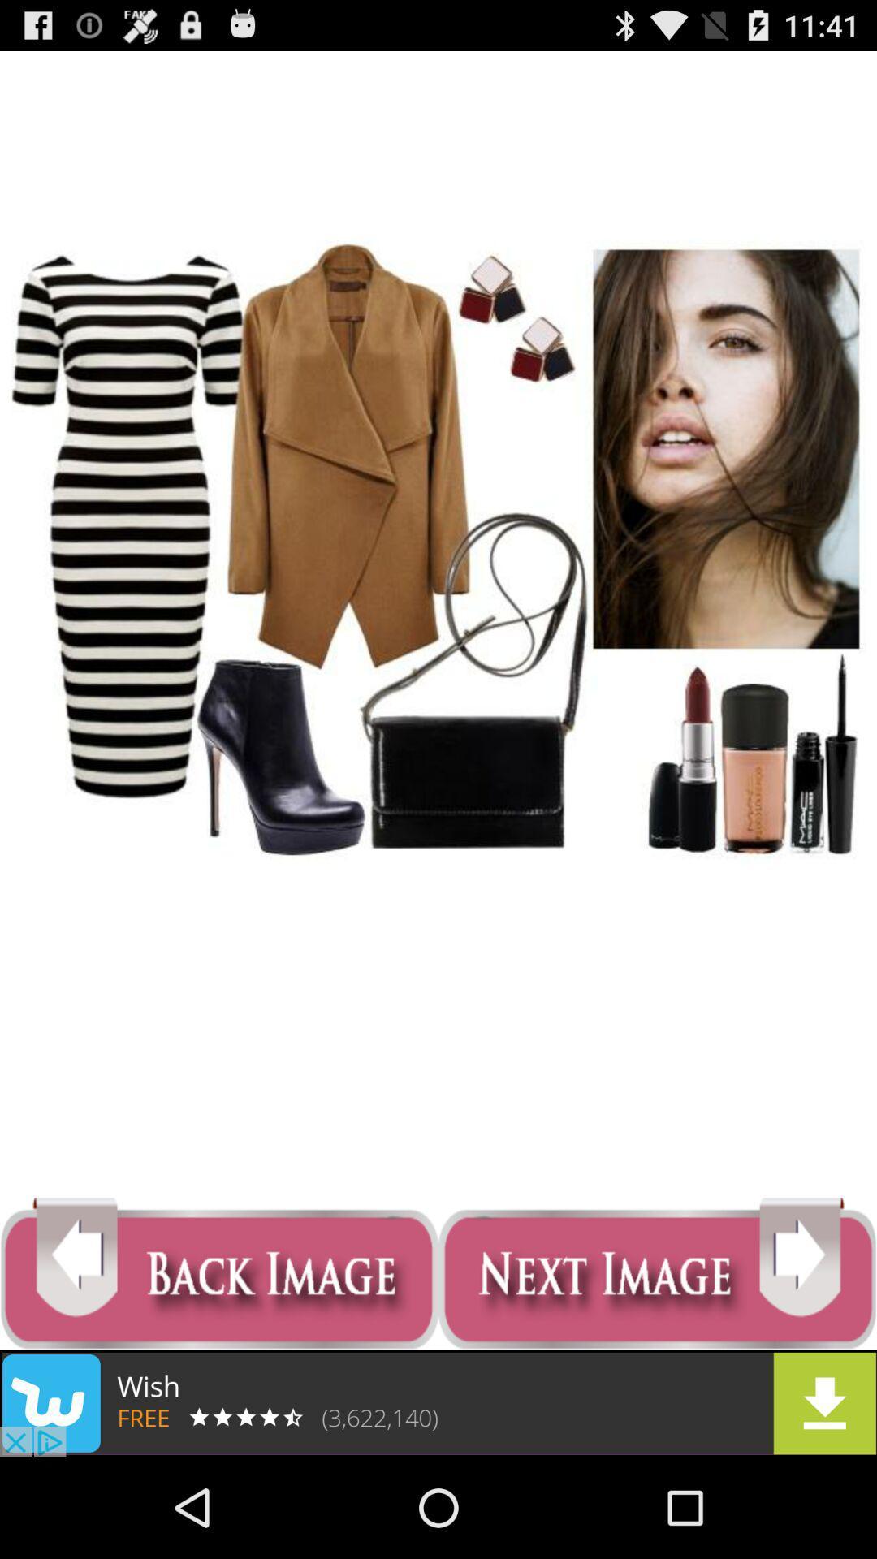 The height and width of the screenshot is (1559, 877). Describe the element at coordinates (219, 1273) in the screenshot. I see `back image` at that location.